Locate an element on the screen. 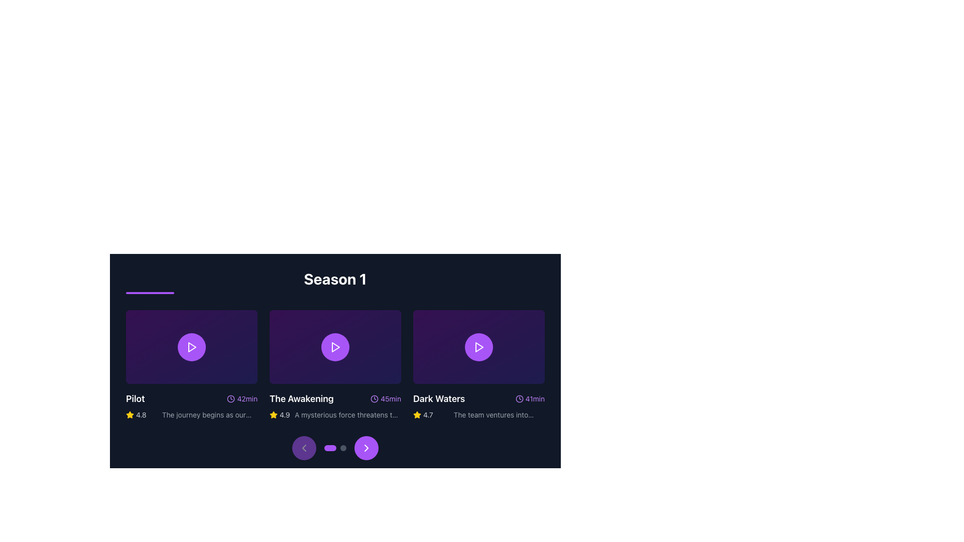 Image resolution: width=964 pixels, height=542 pixels. the clickable video thumbnail with a play button, which features a gradient background and a central play icon is located at coordinates (192, 346).